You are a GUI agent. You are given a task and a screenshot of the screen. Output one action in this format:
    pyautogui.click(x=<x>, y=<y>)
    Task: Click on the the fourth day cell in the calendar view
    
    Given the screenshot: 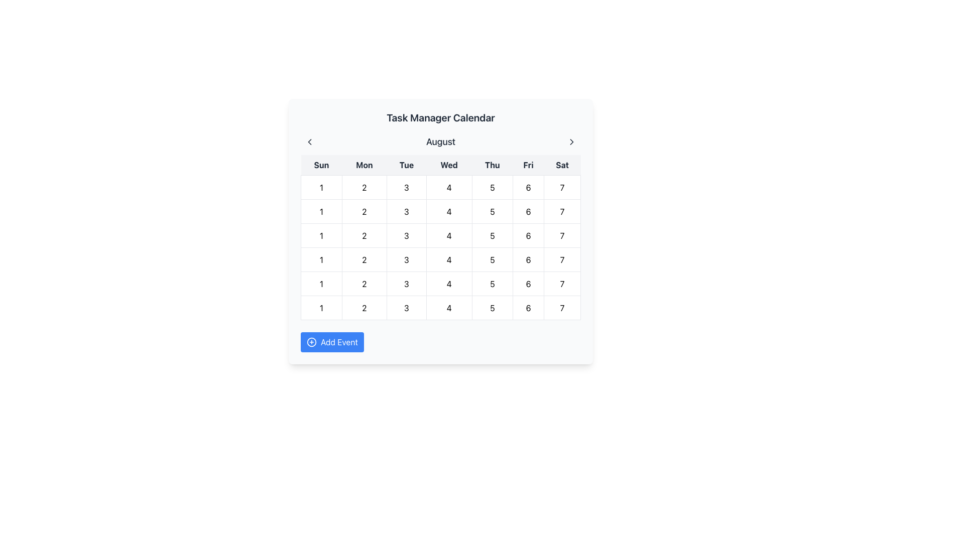 What is the action you would take?
    pyautogui.click(x=448, y=307)
    